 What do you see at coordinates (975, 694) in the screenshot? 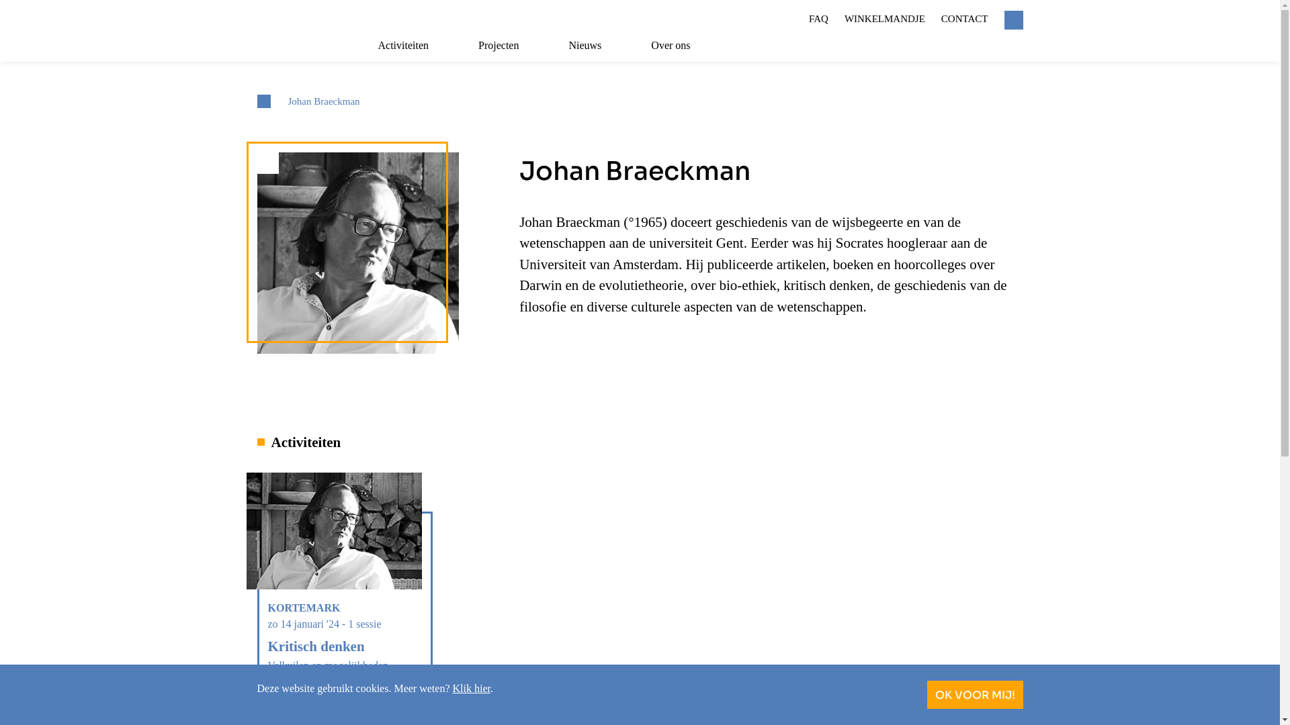
I see `'OK VOOR MIJ!'` at bounding box center [975, 694].